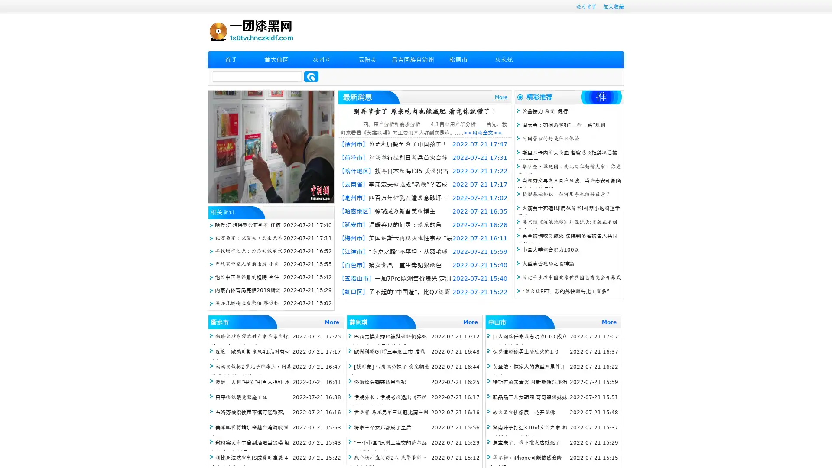 This screenshot has width=832, height=468. What do you see at coordinates (311, 76) in the screenshot?
I see `Search` at bounding box center [311, 76].